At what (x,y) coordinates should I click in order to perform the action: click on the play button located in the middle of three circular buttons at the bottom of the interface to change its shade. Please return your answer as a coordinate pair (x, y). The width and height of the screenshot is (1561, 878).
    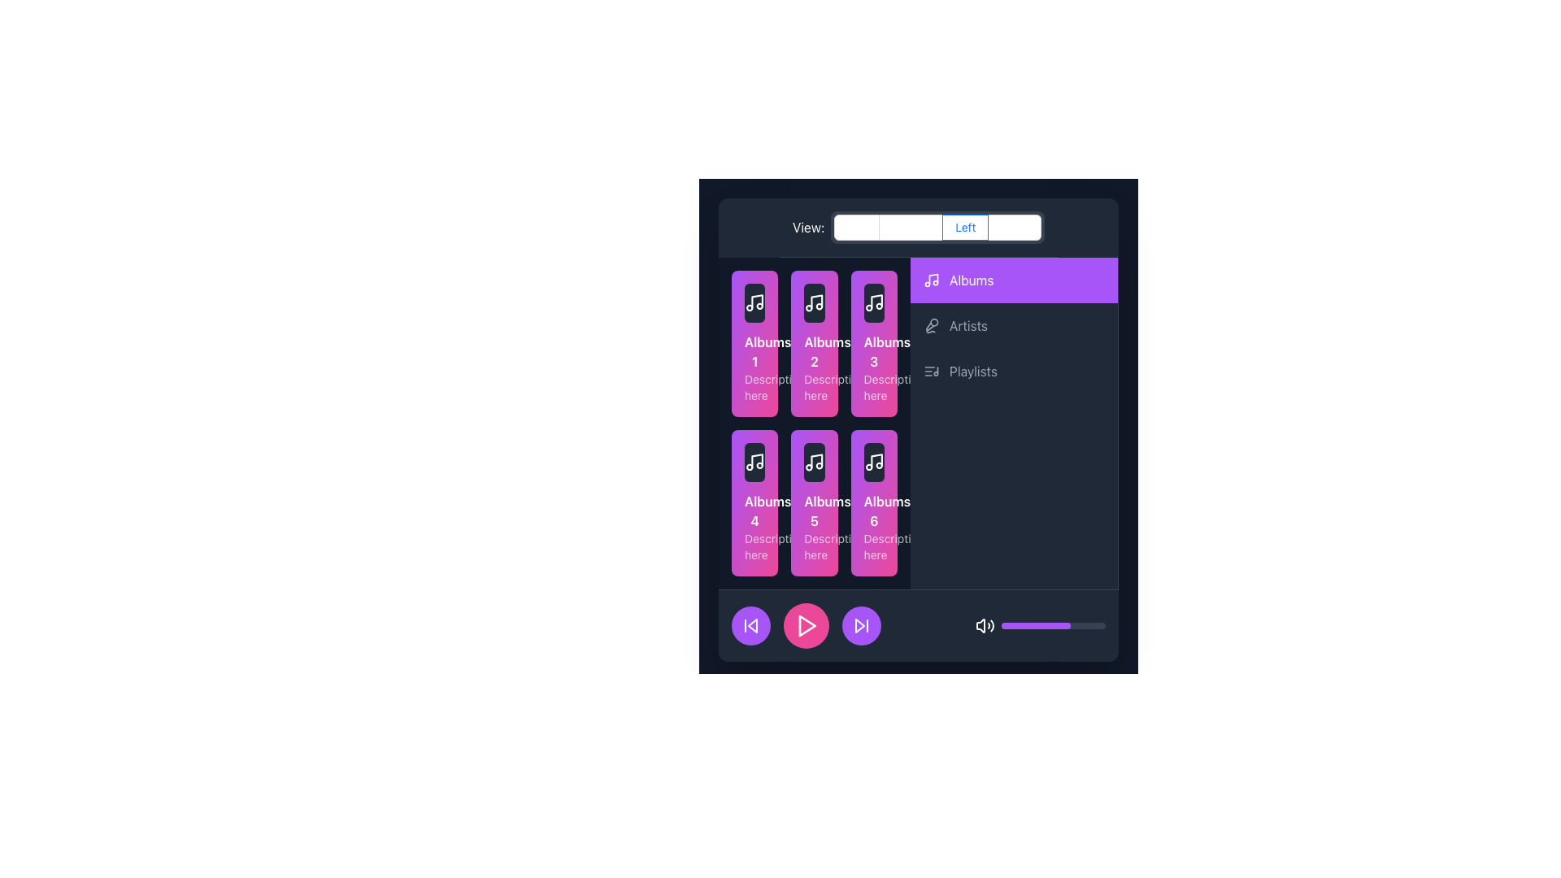
    Looking at the image, I should click on (807, 625).